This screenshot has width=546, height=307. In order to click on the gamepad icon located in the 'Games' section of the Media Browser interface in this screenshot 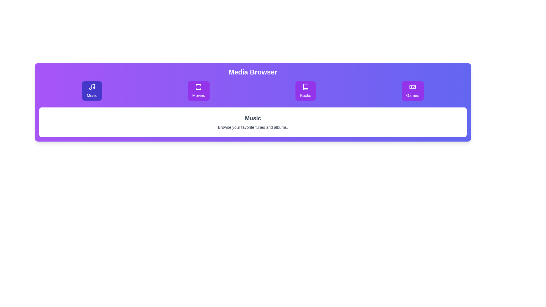, I will do `click(413, 87)`.